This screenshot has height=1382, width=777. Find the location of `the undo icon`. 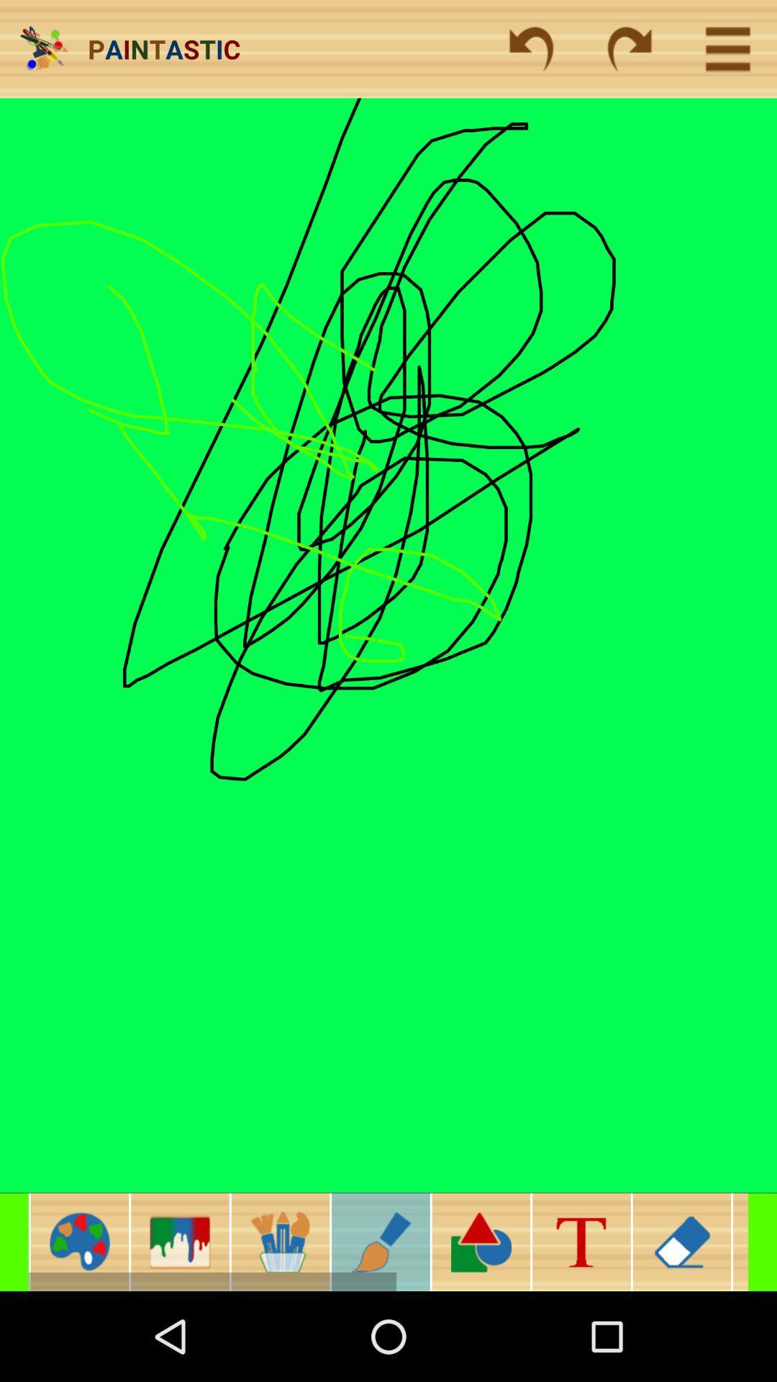

the undo icon is located at coordinates (531, 49).